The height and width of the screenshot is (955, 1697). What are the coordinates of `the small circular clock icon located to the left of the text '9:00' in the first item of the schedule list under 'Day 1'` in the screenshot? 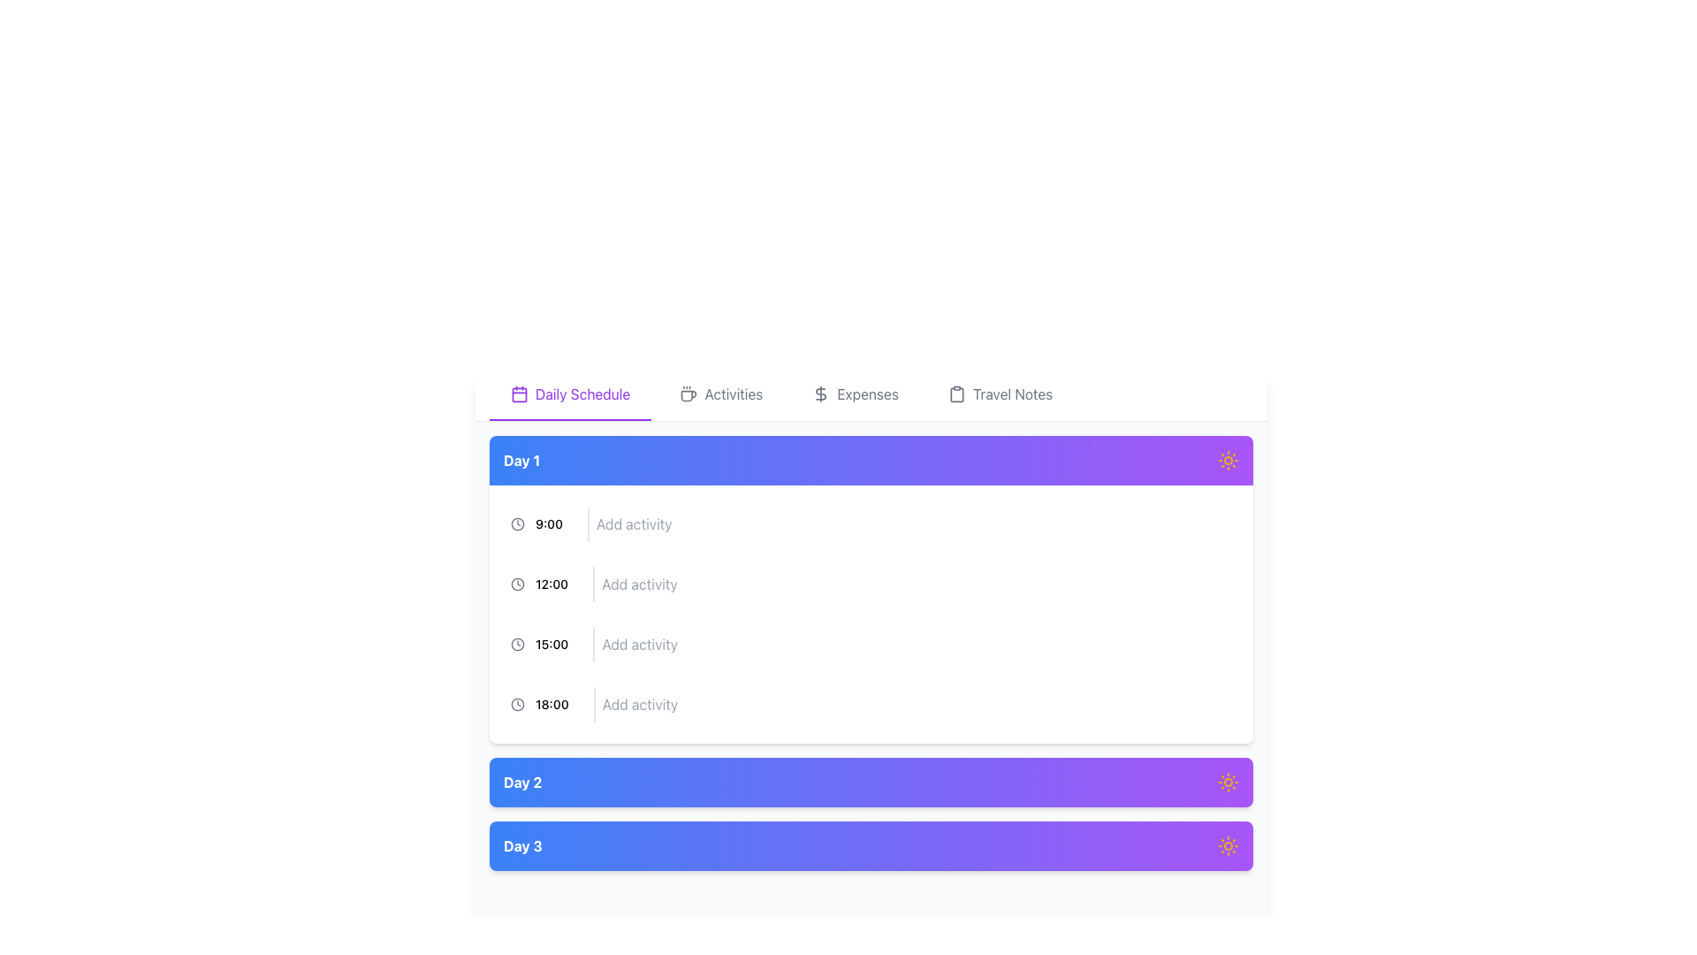 It's located at (516, 523).